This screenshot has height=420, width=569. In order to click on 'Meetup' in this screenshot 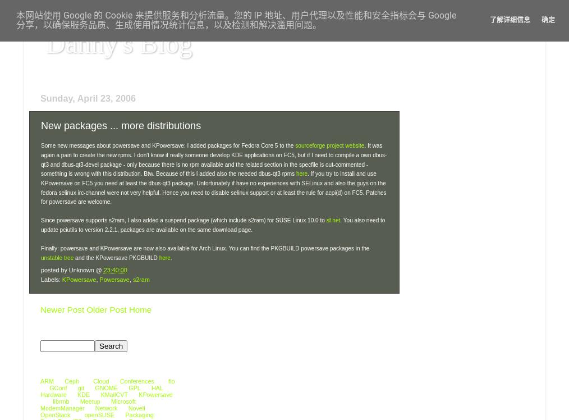, I will do `click(90, 401)`.